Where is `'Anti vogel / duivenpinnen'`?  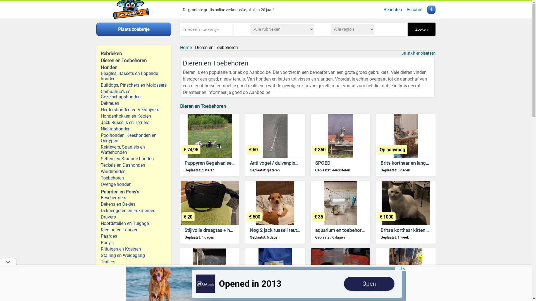 'Anti vogel / duivenpinnen' is located at coordinates (276, 162).